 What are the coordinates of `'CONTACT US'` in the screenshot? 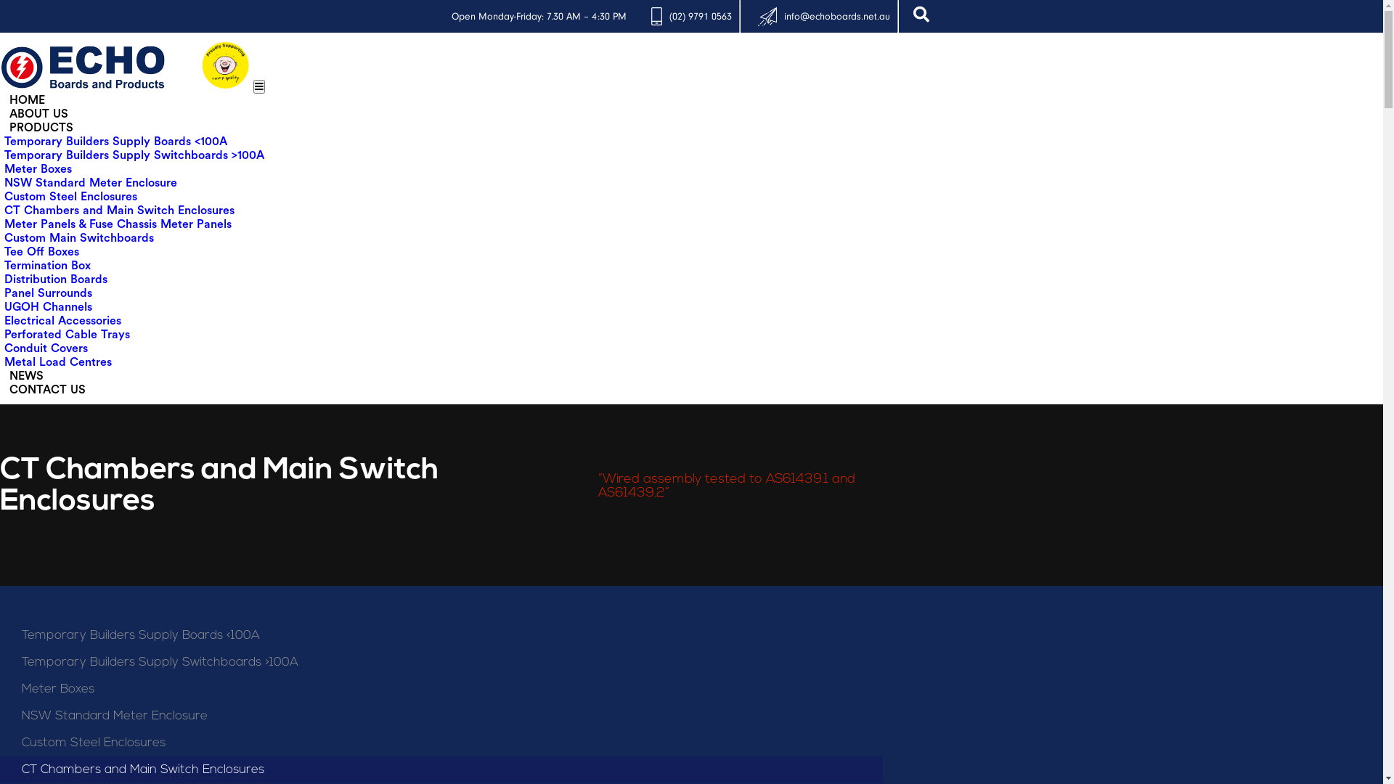 It's located at (47, 388).